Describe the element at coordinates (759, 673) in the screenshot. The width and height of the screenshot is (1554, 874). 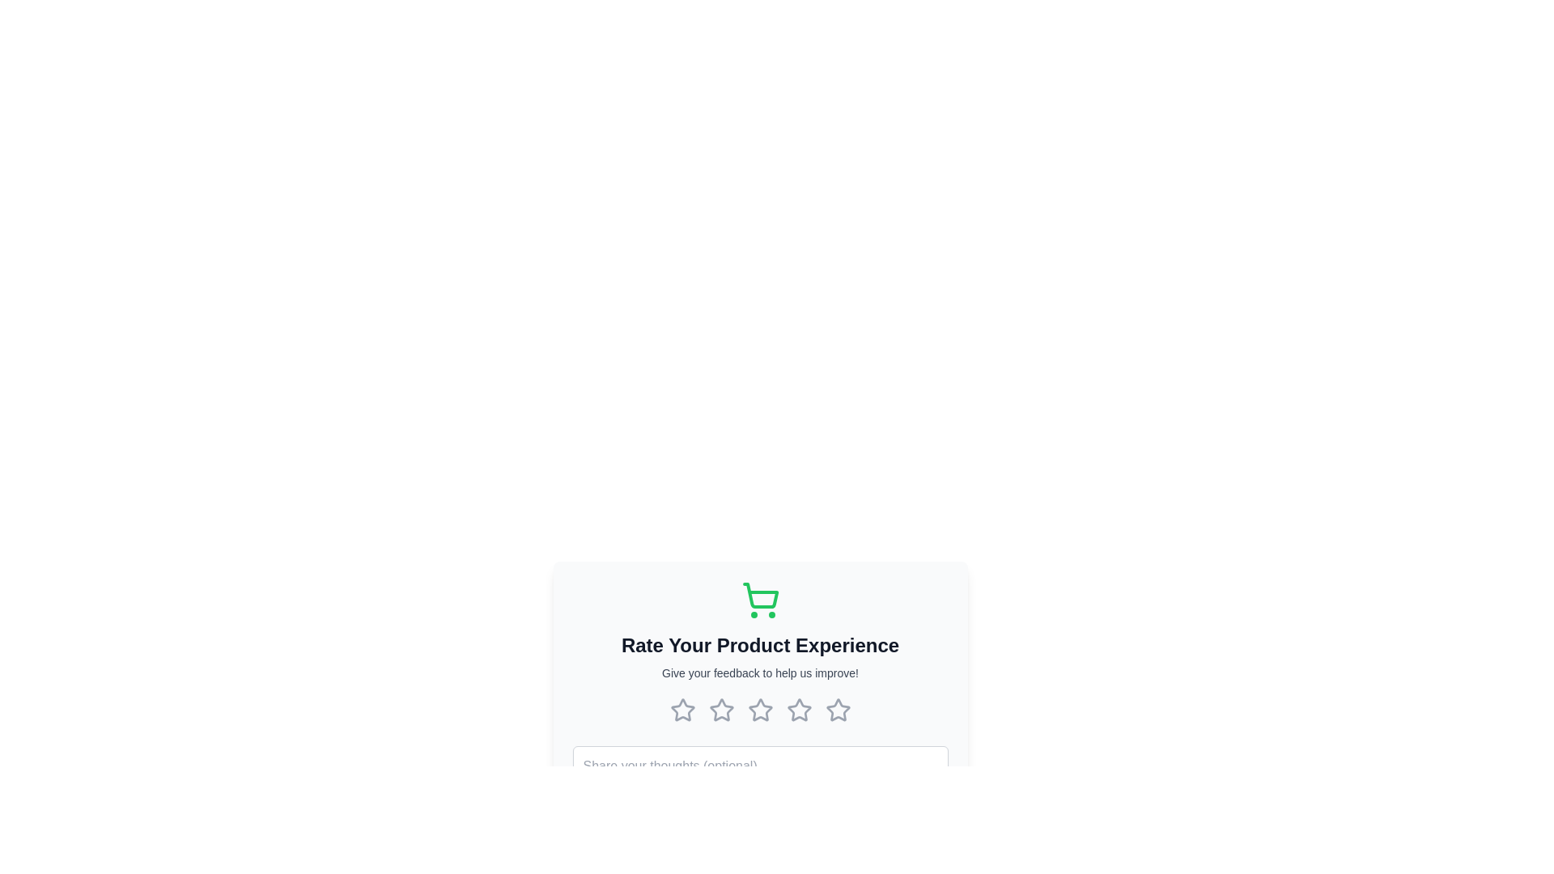
I see `the Static Text Label that prompts users to provide their feedback, located below the header 'Rate Your Product Experience' and above the star rating icons` at that location.